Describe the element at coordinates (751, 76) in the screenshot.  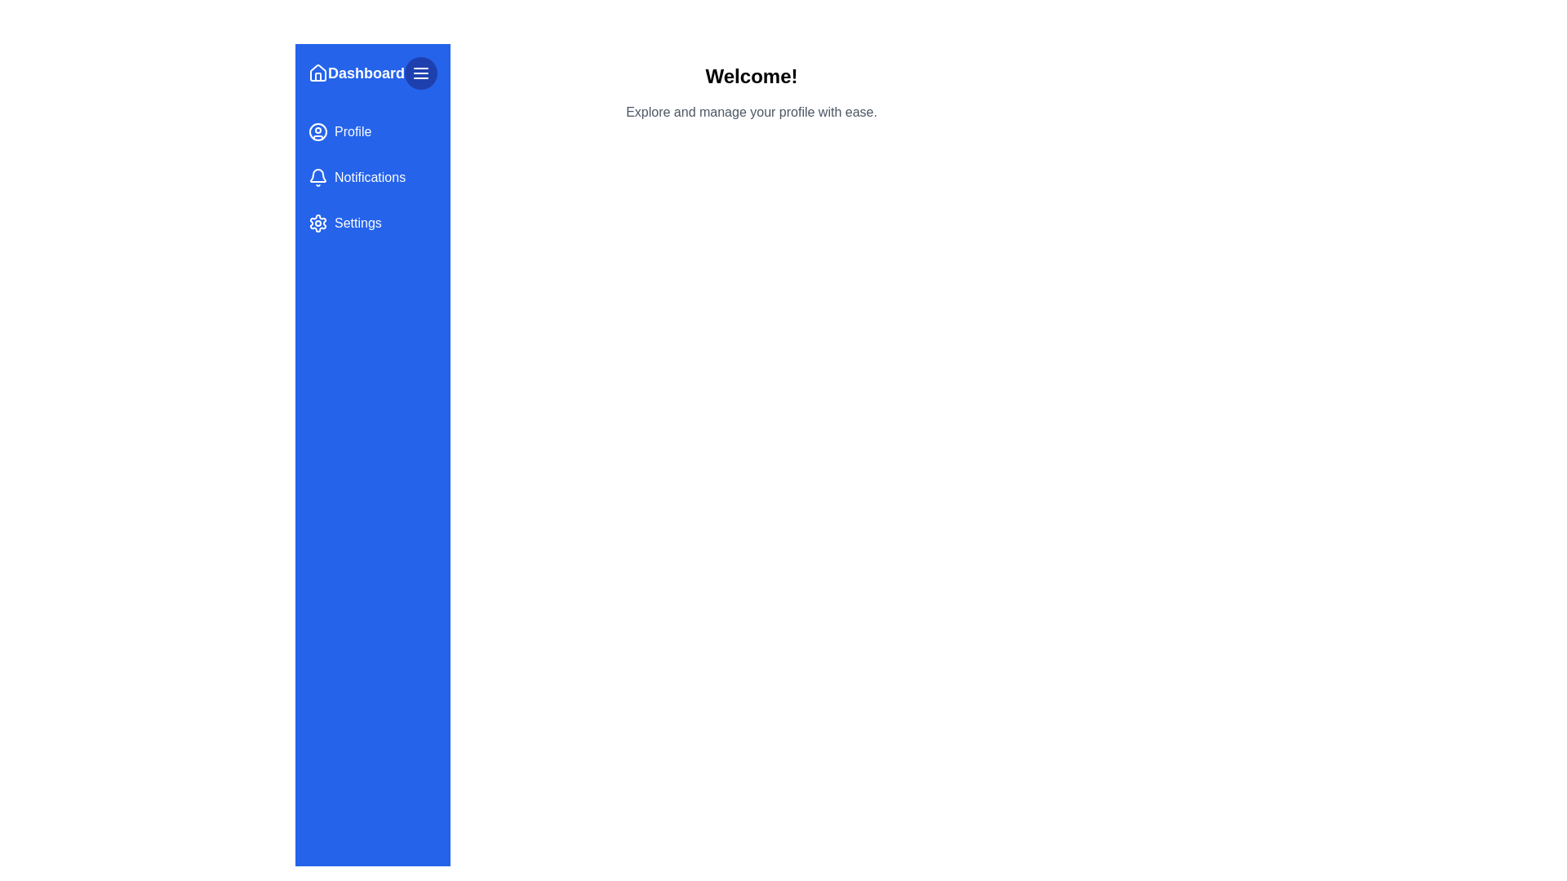
I see `welcoming header text located at the top-center of the user's dashboard, above the text 'Explore and manage your profile with ease.'` at that location.